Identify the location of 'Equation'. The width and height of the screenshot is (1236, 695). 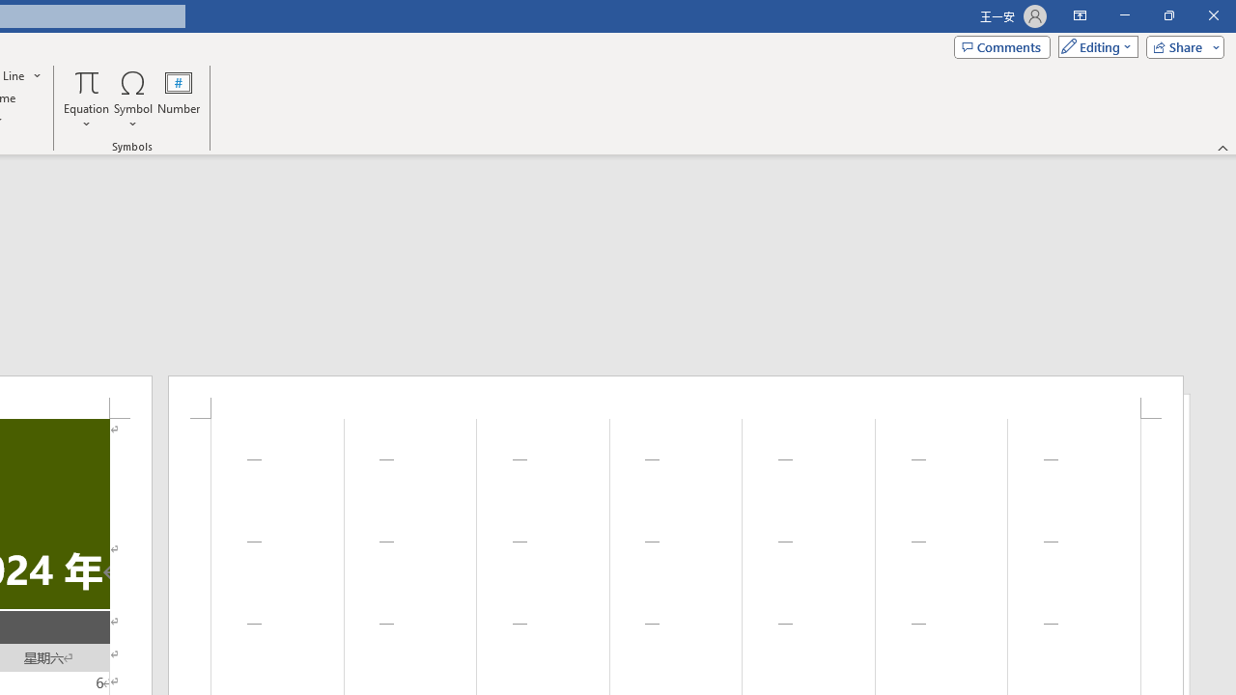
(86, 99).